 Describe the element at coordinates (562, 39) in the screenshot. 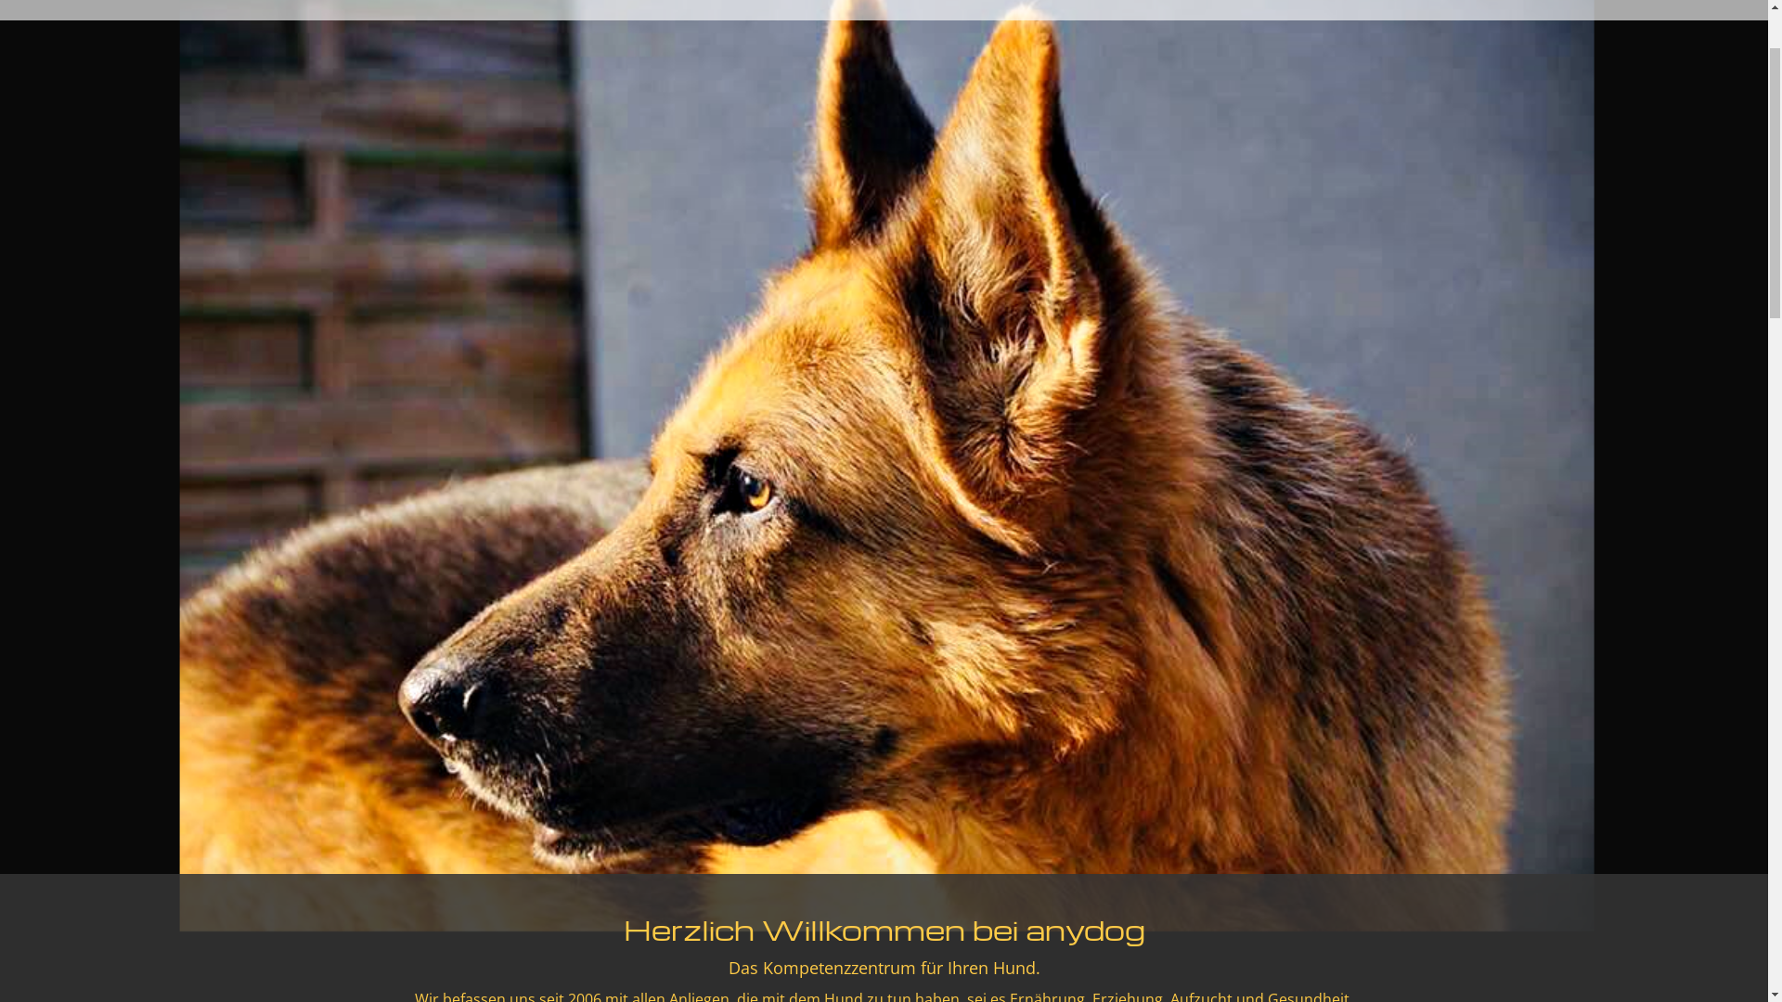

I see `'Hundewellness'` at that location.